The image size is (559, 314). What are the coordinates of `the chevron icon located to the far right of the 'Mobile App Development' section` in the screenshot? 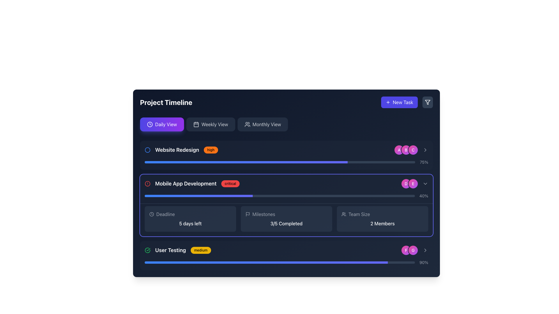 It's located at (425, 250).